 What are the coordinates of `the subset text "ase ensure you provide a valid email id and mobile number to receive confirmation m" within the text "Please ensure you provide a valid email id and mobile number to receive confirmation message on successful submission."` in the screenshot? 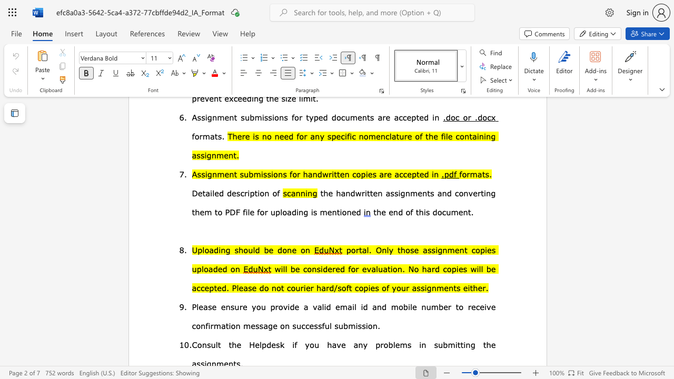 It's located at (203, 306).